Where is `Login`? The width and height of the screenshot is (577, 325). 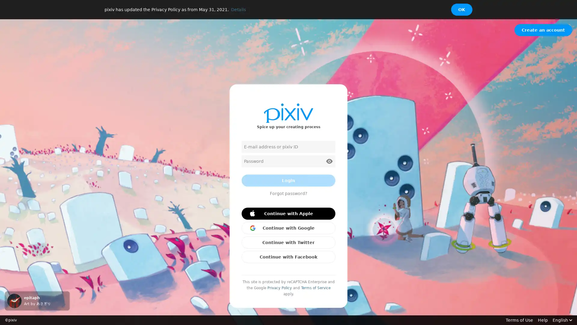
Login is located at coordinates (288, 180).